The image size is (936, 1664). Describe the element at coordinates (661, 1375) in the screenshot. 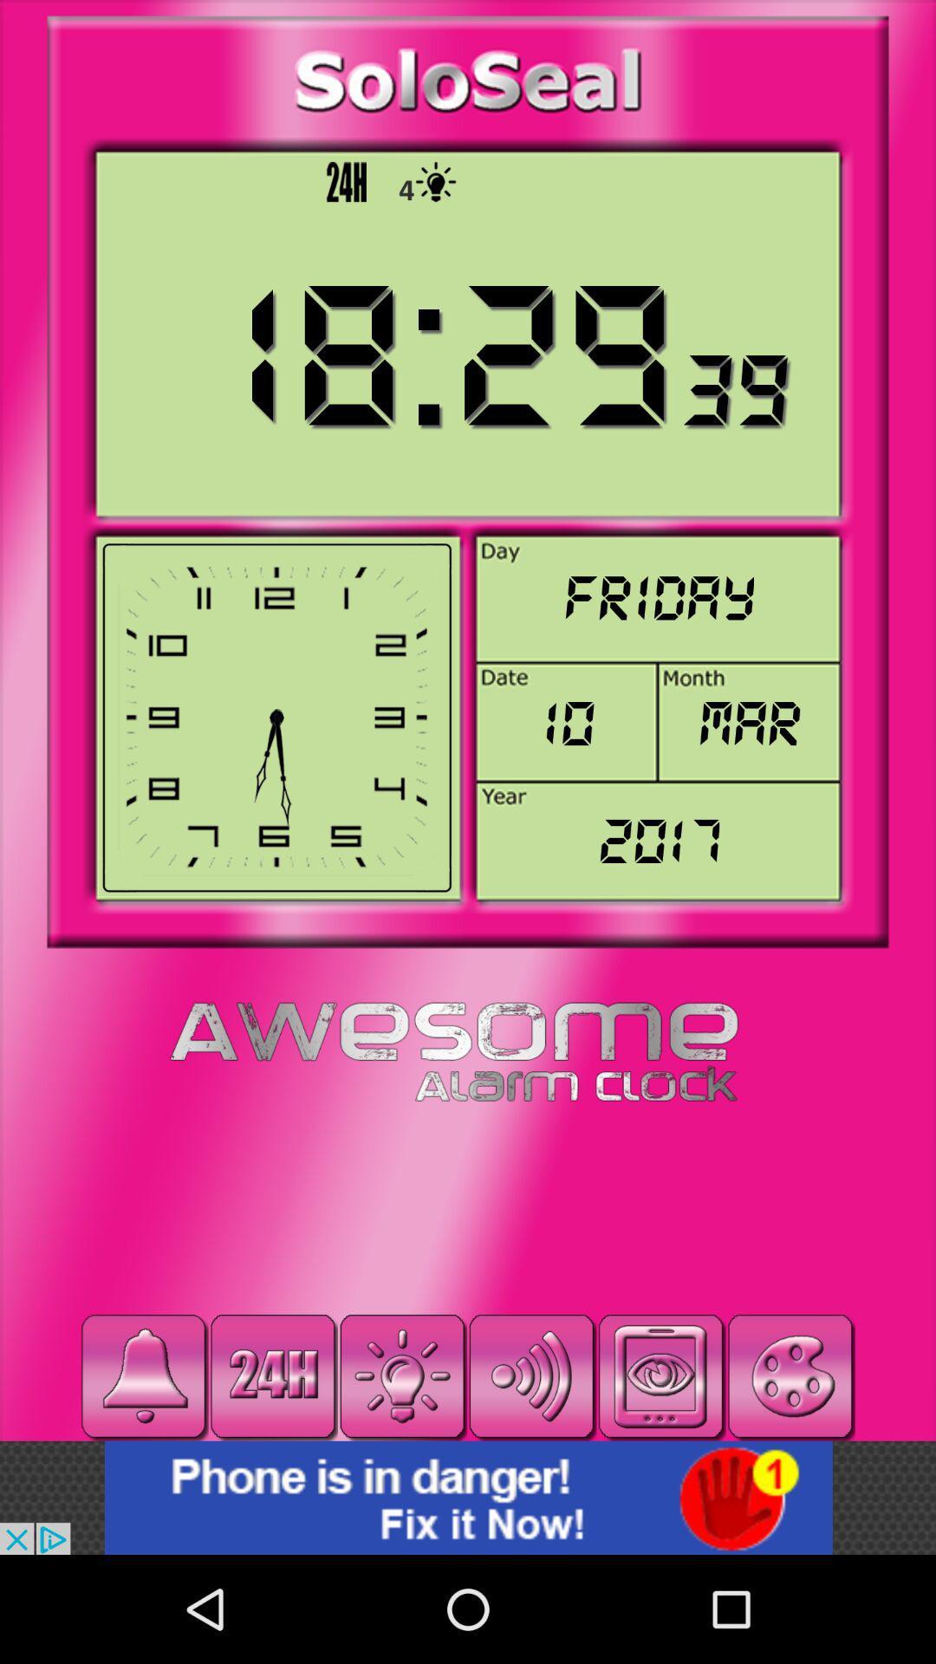

I see `selection` at that location.